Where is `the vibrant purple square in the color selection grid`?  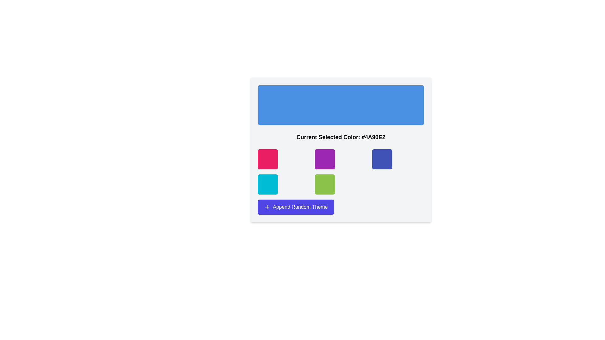 the vibrant purple square in the color selection grid is located at coordinates (325, 159).